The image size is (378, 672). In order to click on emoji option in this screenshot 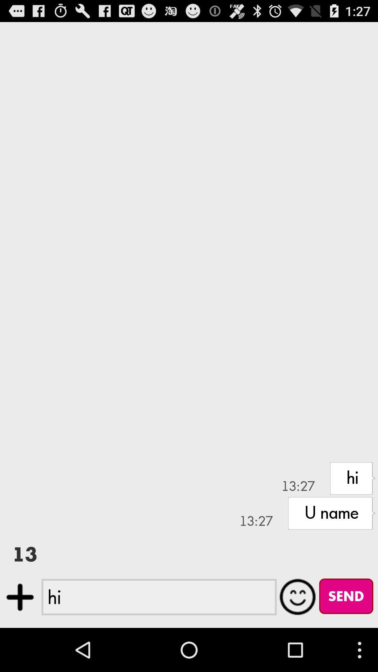, I will do `click(298, 596)`.